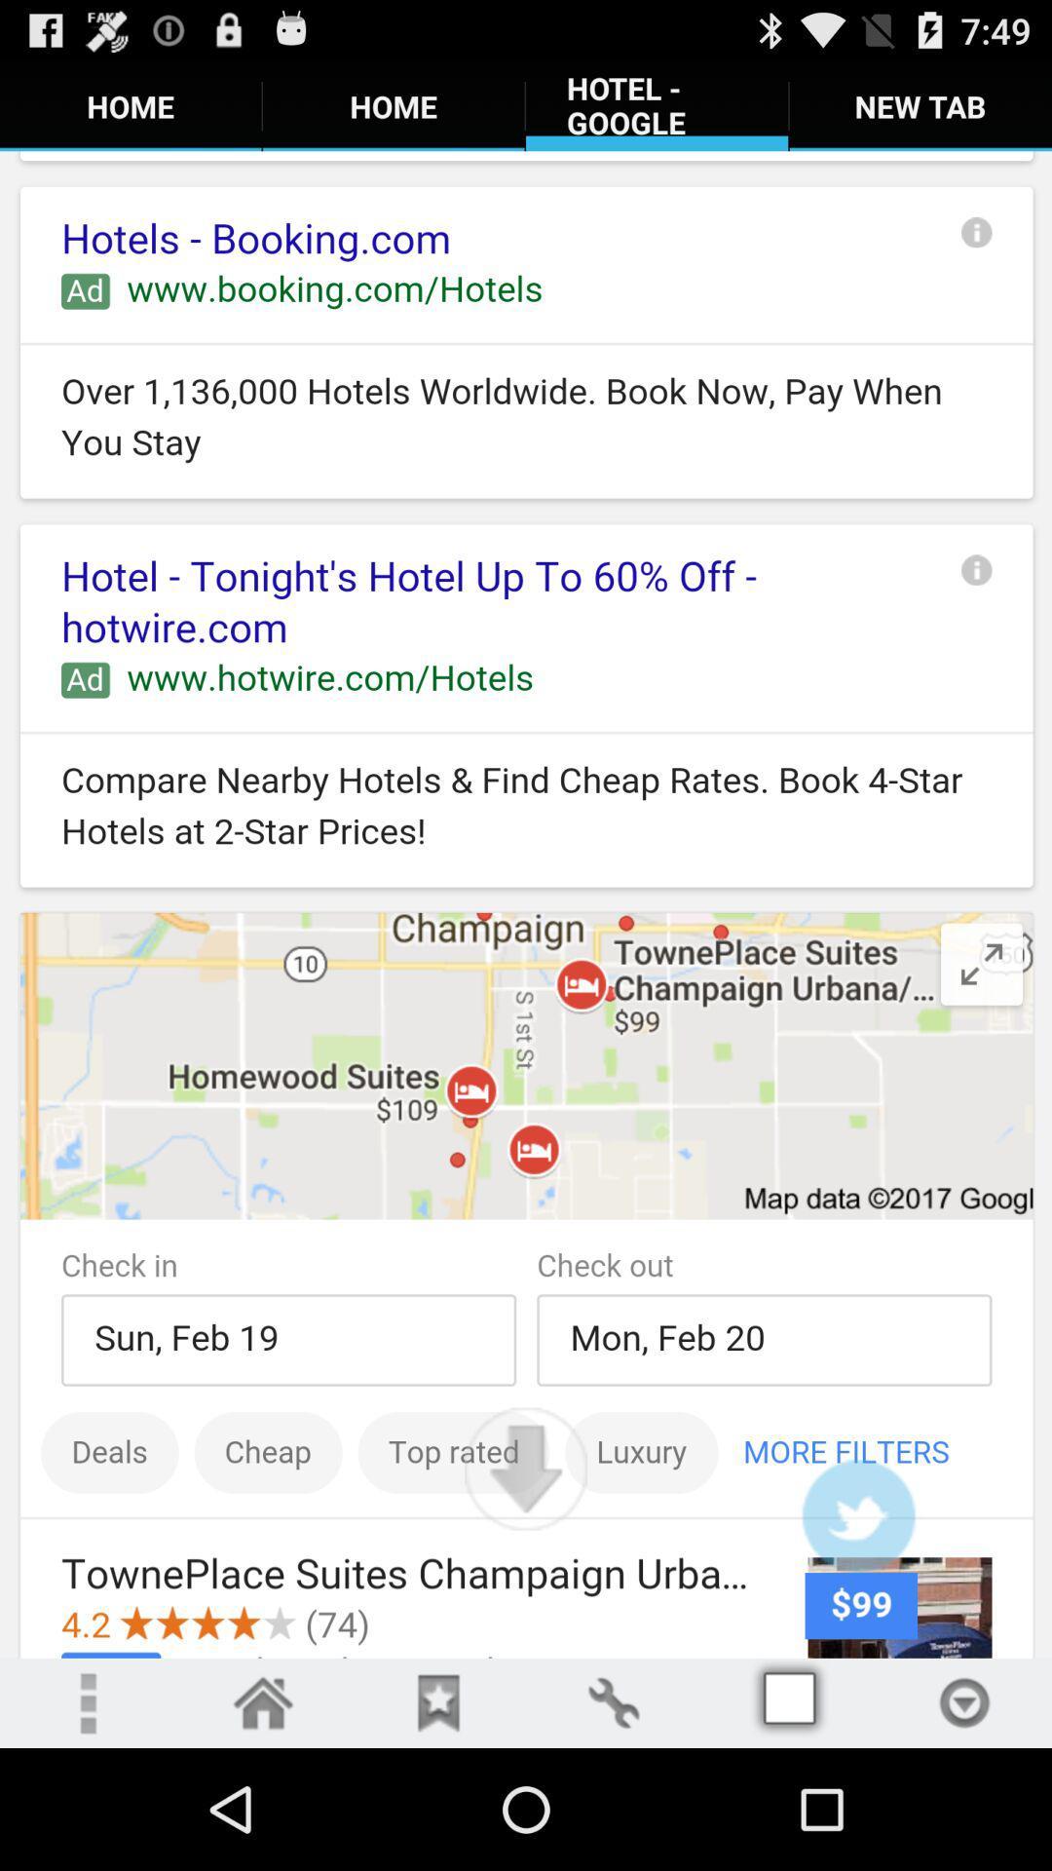 Image resolution: width=1052 pixels, height=1871 pixels. I want to click on twitter, so click(857, 1514).